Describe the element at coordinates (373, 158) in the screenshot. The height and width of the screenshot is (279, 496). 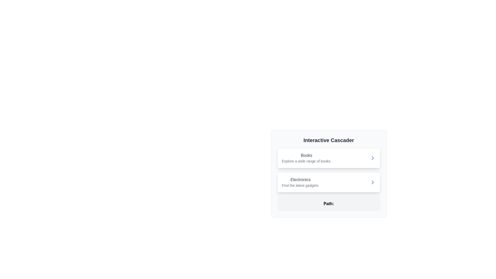
I see `the chevron arrow icon located at the rightmost edge of the 'Books' card to view related content` at that location.